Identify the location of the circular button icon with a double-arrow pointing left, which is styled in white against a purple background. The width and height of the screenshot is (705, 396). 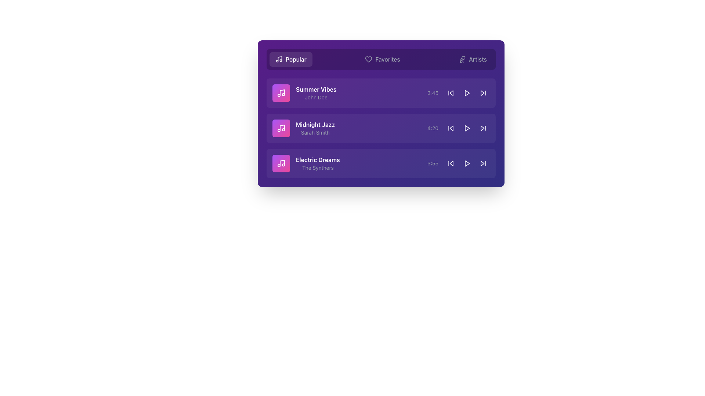
(451, 128).